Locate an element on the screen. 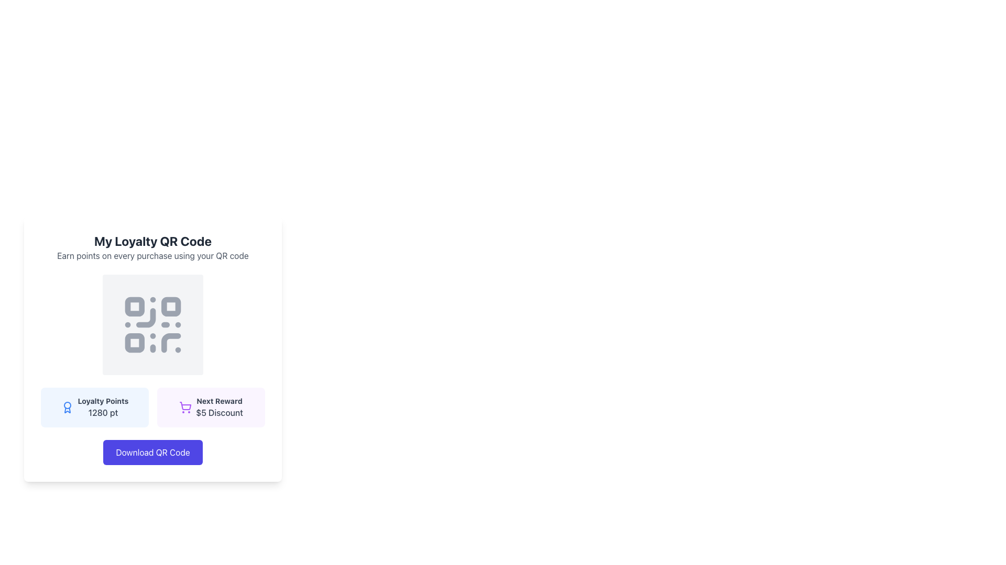 Image resolution: width=1006 pixels, height=565 pixels. the button labeled 'Download QR Code' with a blue background and white text is located at coordinates (152, 451).